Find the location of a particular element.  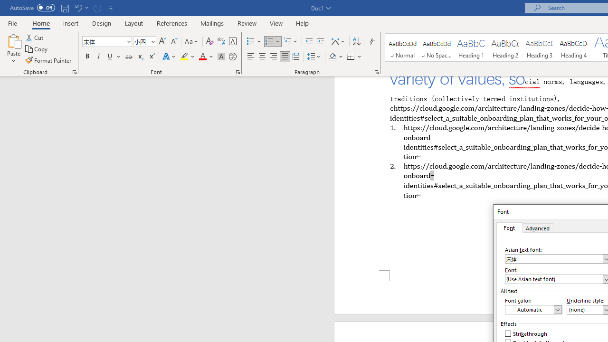

'Strikethrough' is located at coordinates (526, 333).